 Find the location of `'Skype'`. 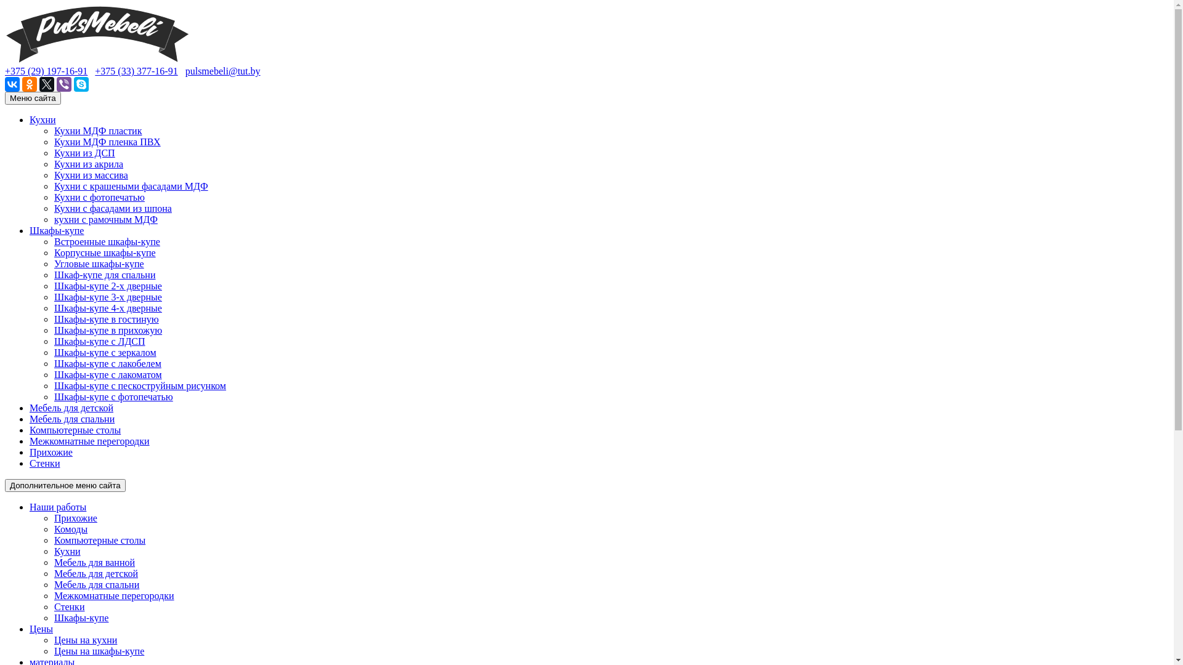

'Skype' is located at coordinates (81, 84).